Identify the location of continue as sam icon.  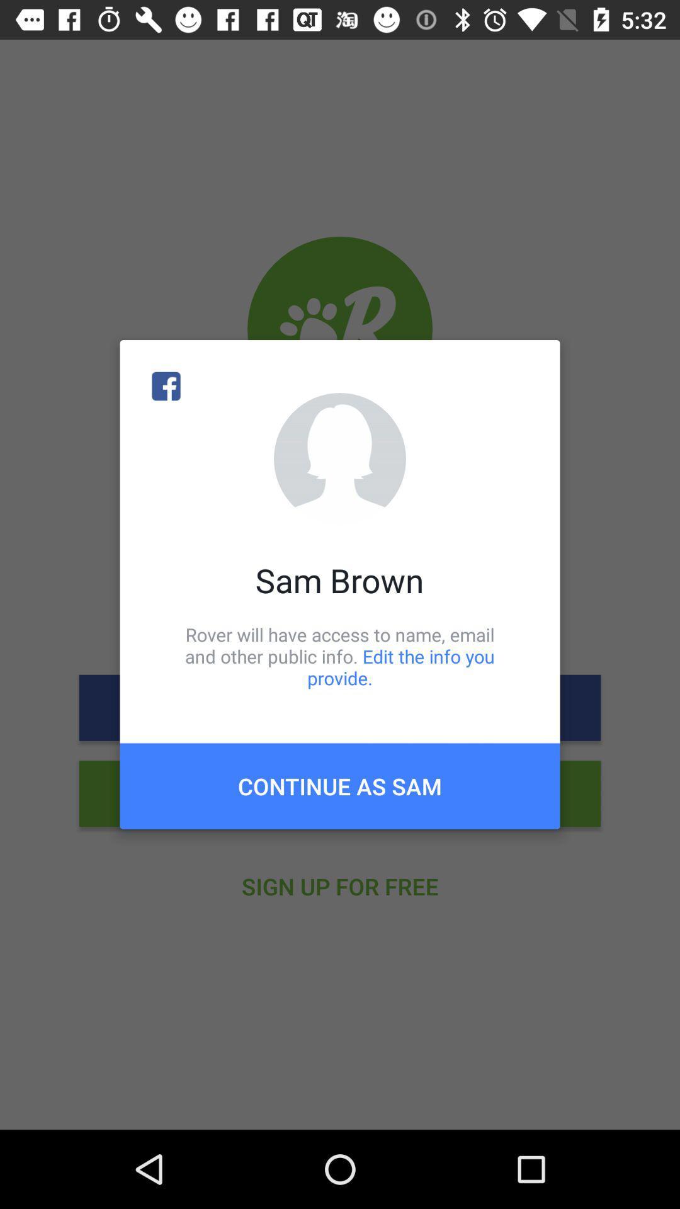
(340, 785).